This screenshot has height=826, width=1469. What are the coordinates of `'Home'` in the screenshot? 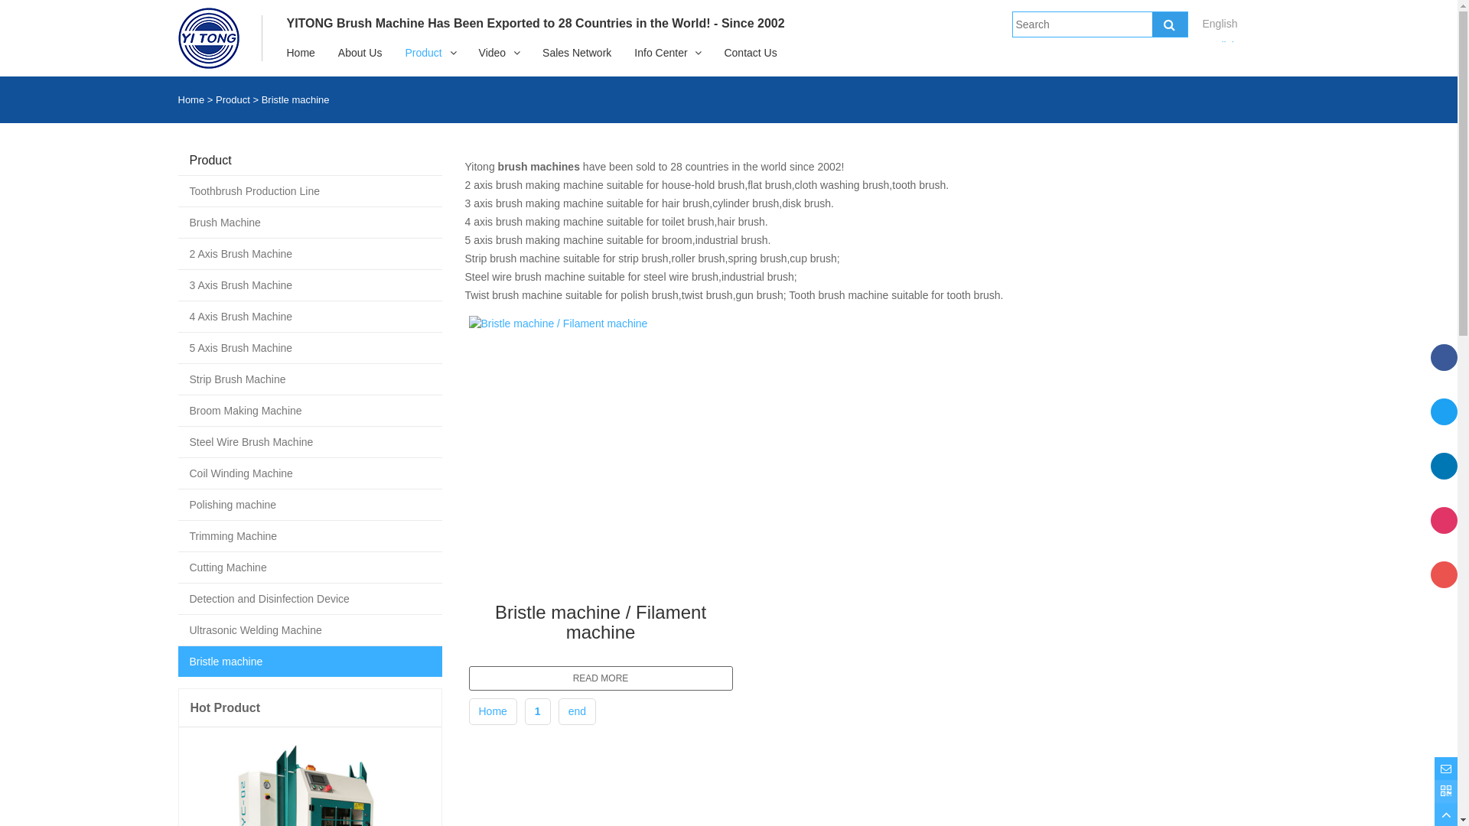 It's located at (275, 52).